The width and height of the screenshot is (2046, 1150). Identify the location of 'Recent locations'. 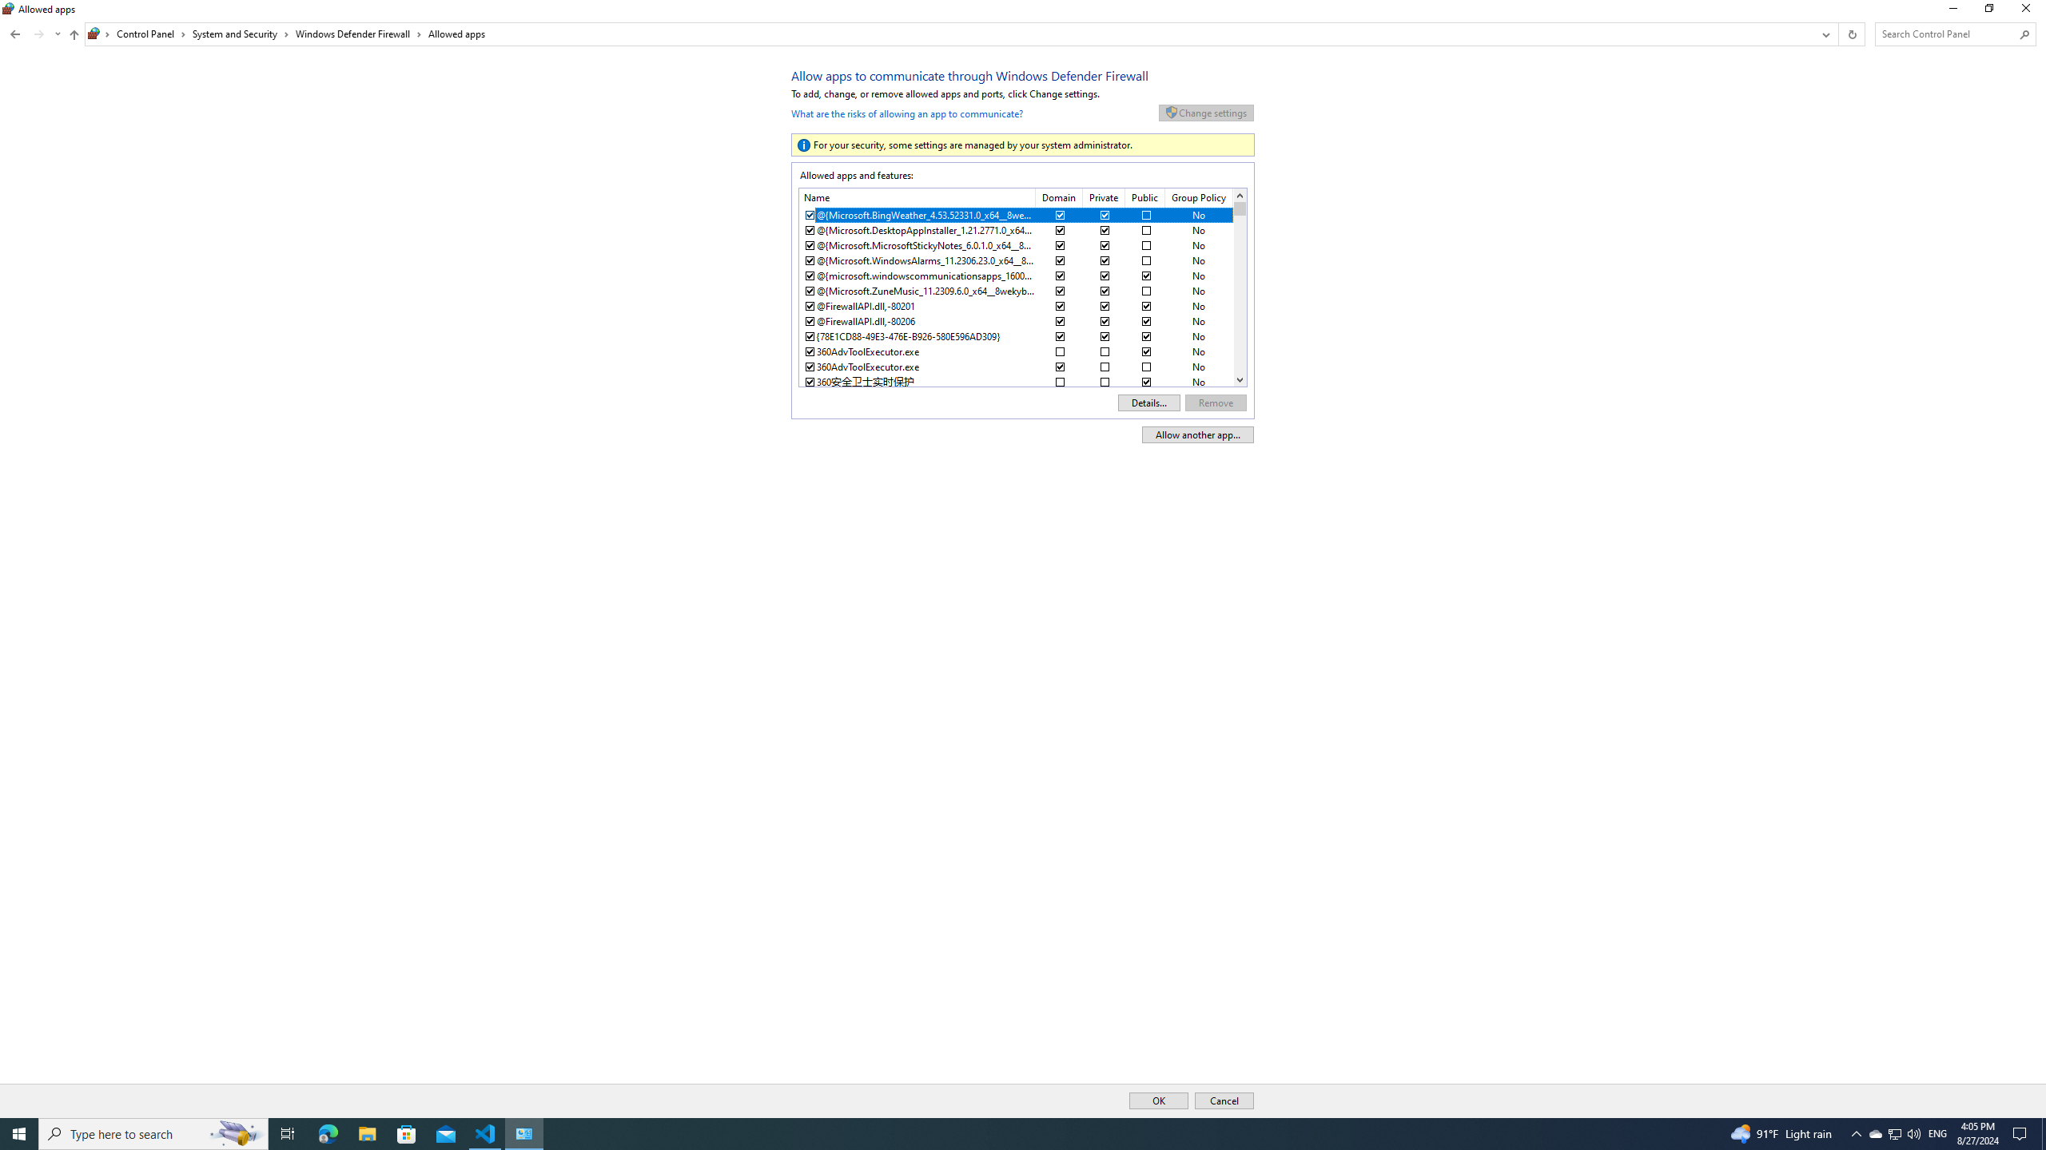
(56, 34).